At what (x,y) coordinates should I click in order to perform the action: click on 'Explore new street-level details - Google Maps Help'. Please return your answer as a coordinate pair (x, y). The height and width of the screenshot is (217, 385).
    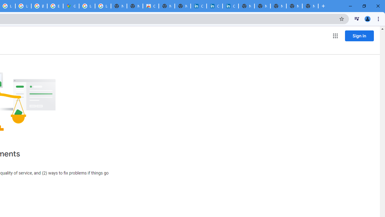
    Looking at the image, I should click on (55, 6).